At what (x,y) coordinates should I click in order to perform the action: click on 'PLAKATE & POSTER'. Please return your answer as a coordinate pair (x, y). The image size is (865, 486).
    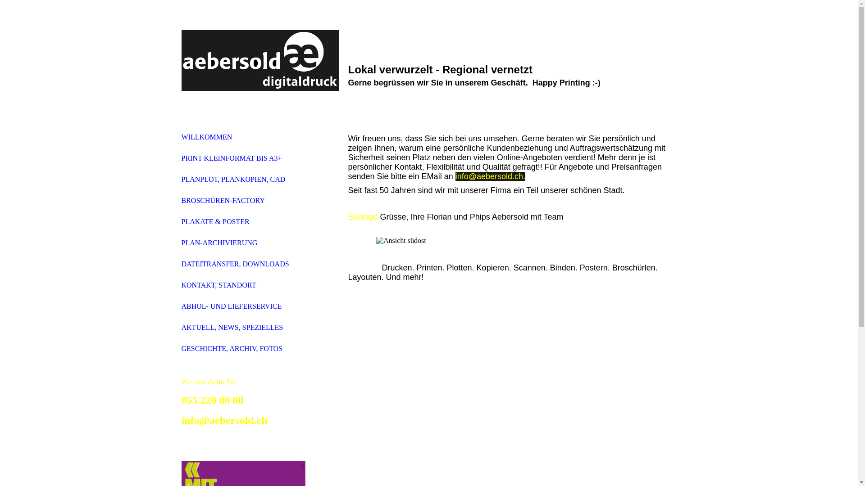
    Looking at the image, I should click on (214, 221).